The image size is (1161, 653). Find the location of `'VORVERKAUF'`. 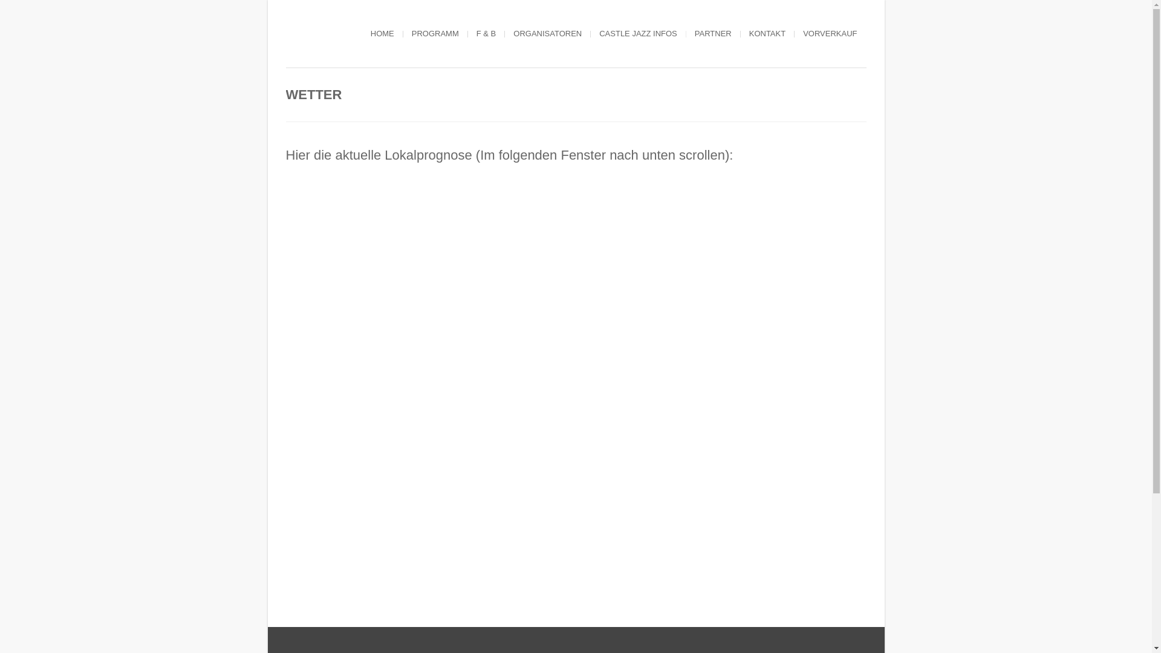

'VORVERKAUF' is located at coordinates (829, 33).